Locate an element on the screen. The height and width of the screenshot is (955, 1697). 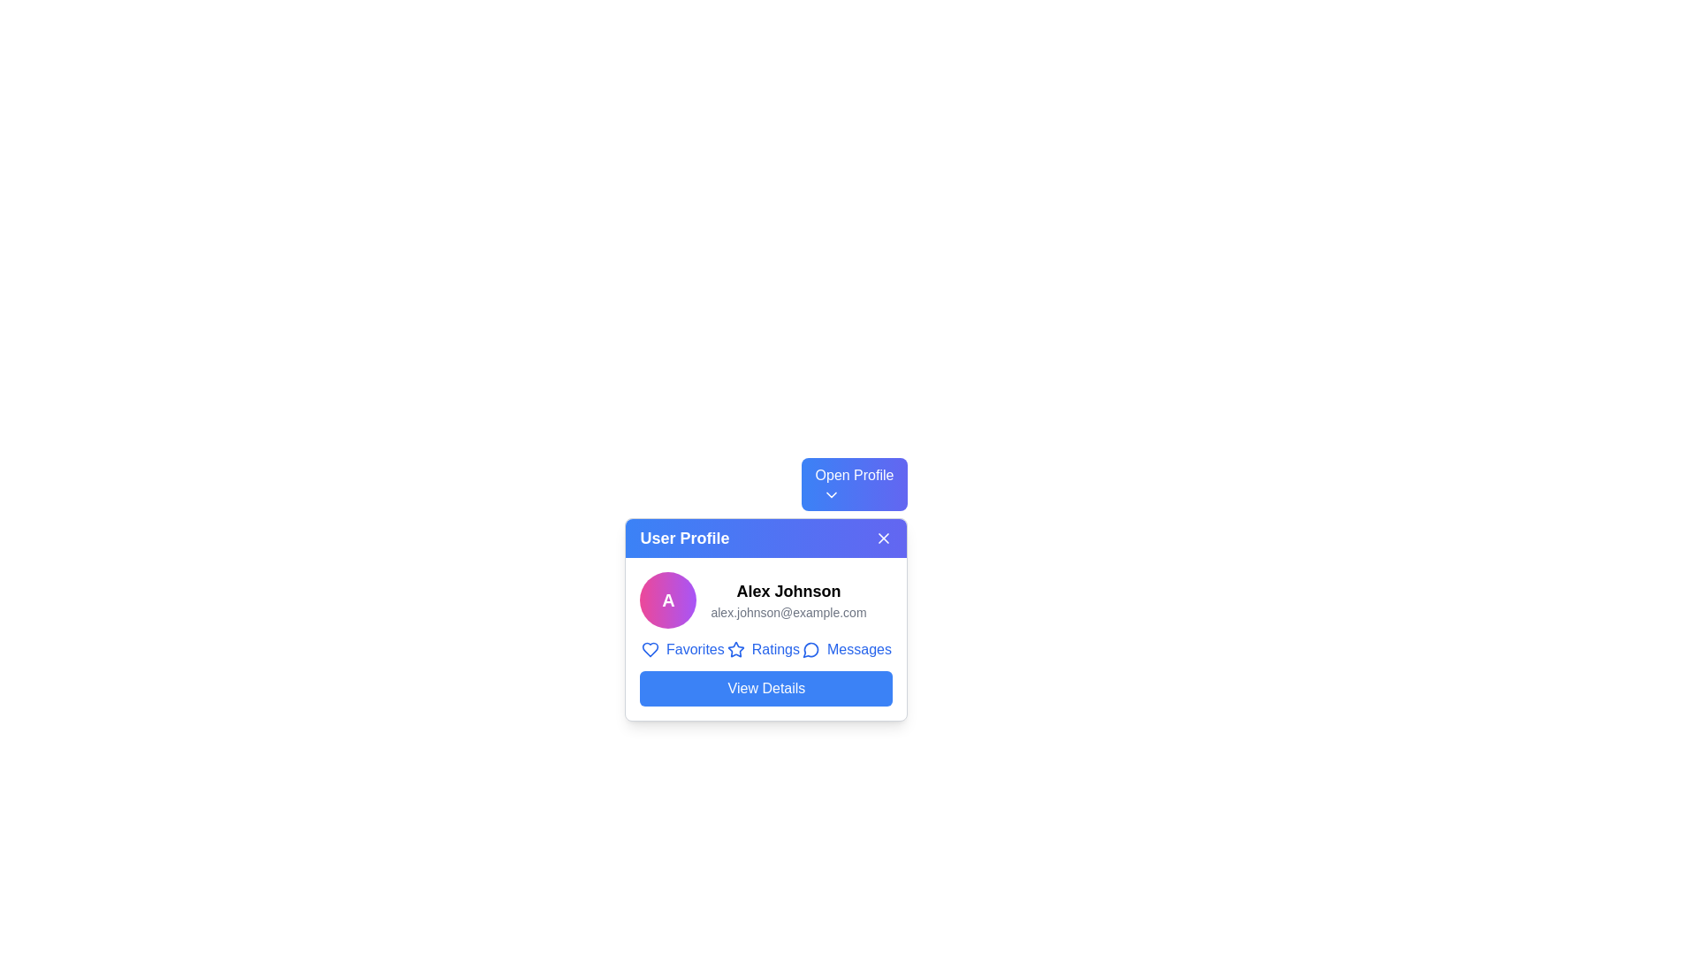
the 'Ratings' link in the User profile section is located at coordinates (766, 638).